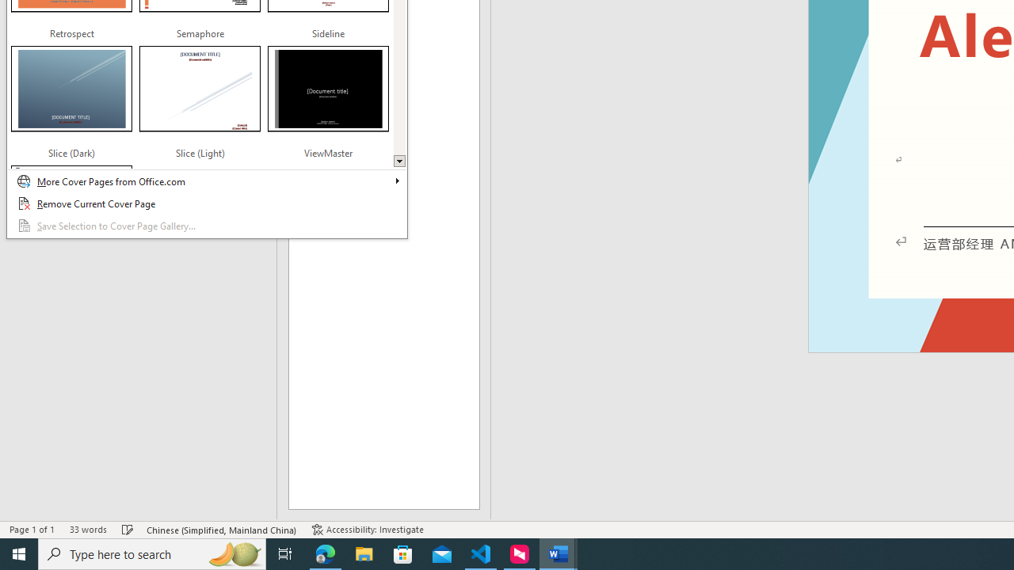 The width and height of the screenshot is (1014, 570). What do you see at coordinates (364, 553) in the screenshot?
I see `'File Explorer'` at bounding box center [364, 553].